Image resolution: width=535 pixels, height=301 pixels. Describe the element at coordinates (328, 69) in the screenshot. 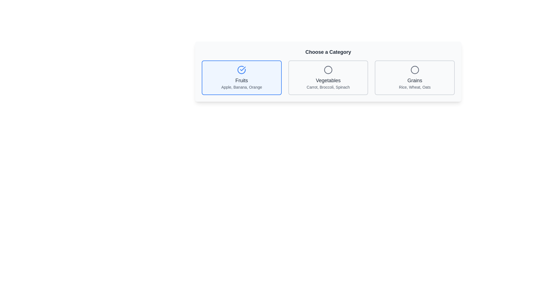

I see `the Circle icon, which serves as a visual indicator for the unselected category inside the 'Vegetables' button in the category selection group` at that location.